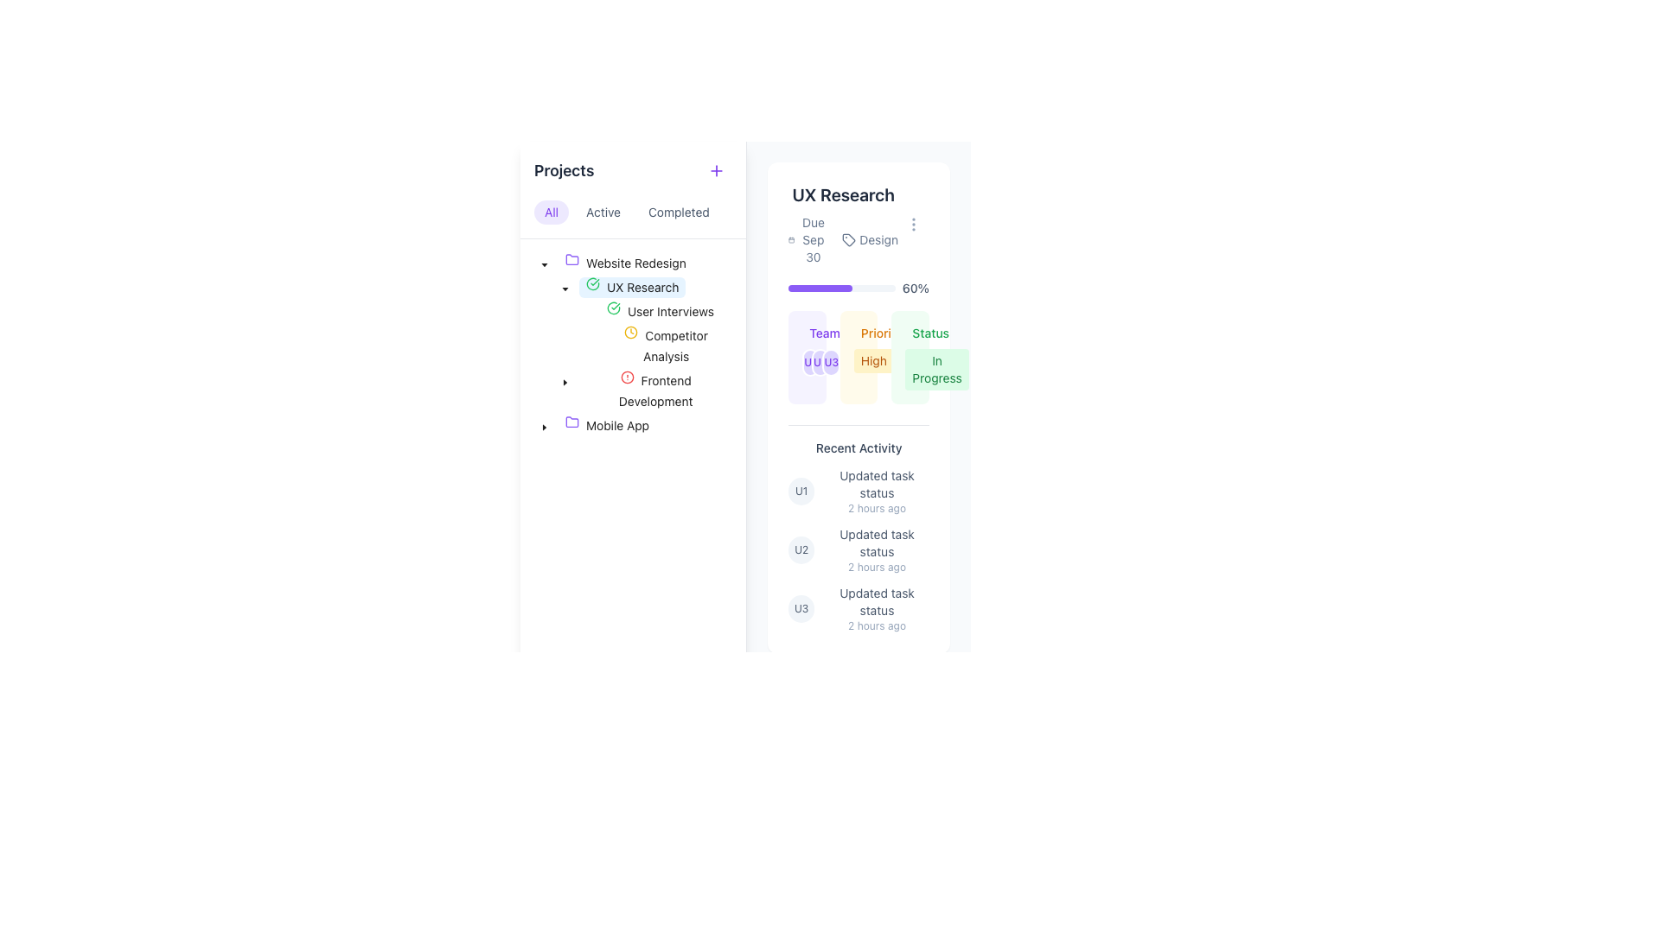 This screenshot has width=1660, height=933. Describe the element at coordinates (635, 263) in the screenshot. I see `the text label 'Website Redesign' in the hierarchical tree view` at that location.